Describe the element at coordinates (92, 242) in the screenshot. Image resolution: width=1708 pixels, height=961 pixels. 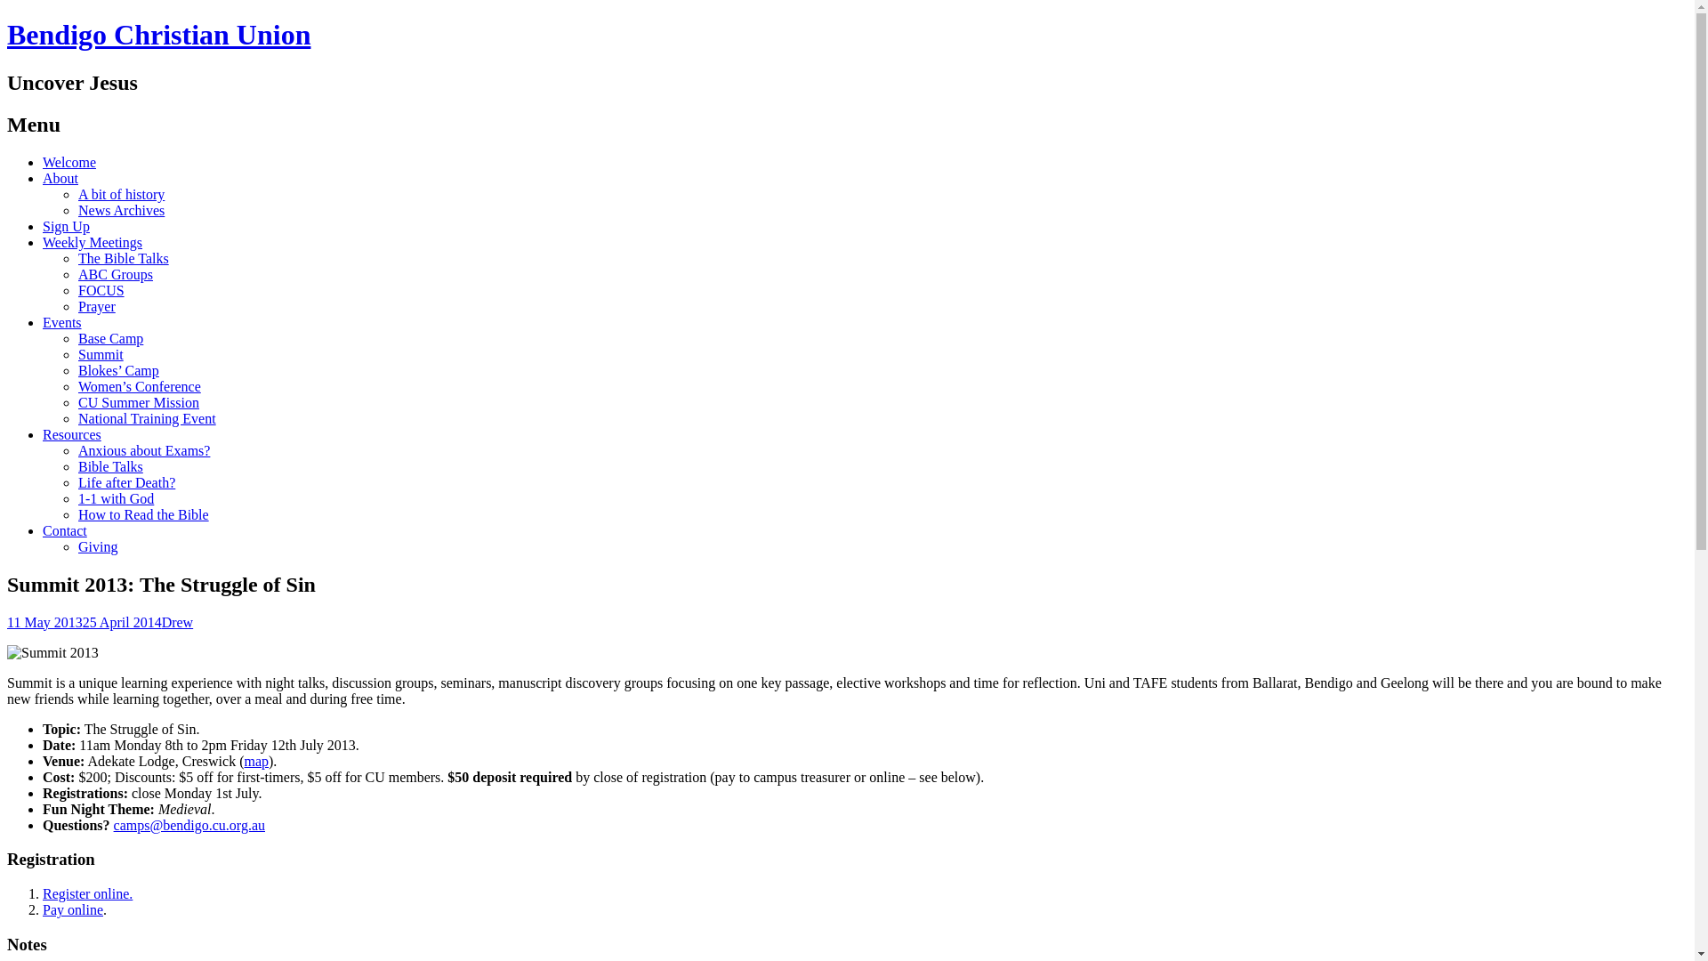
I see `'Weekly Meetings'` at that location.